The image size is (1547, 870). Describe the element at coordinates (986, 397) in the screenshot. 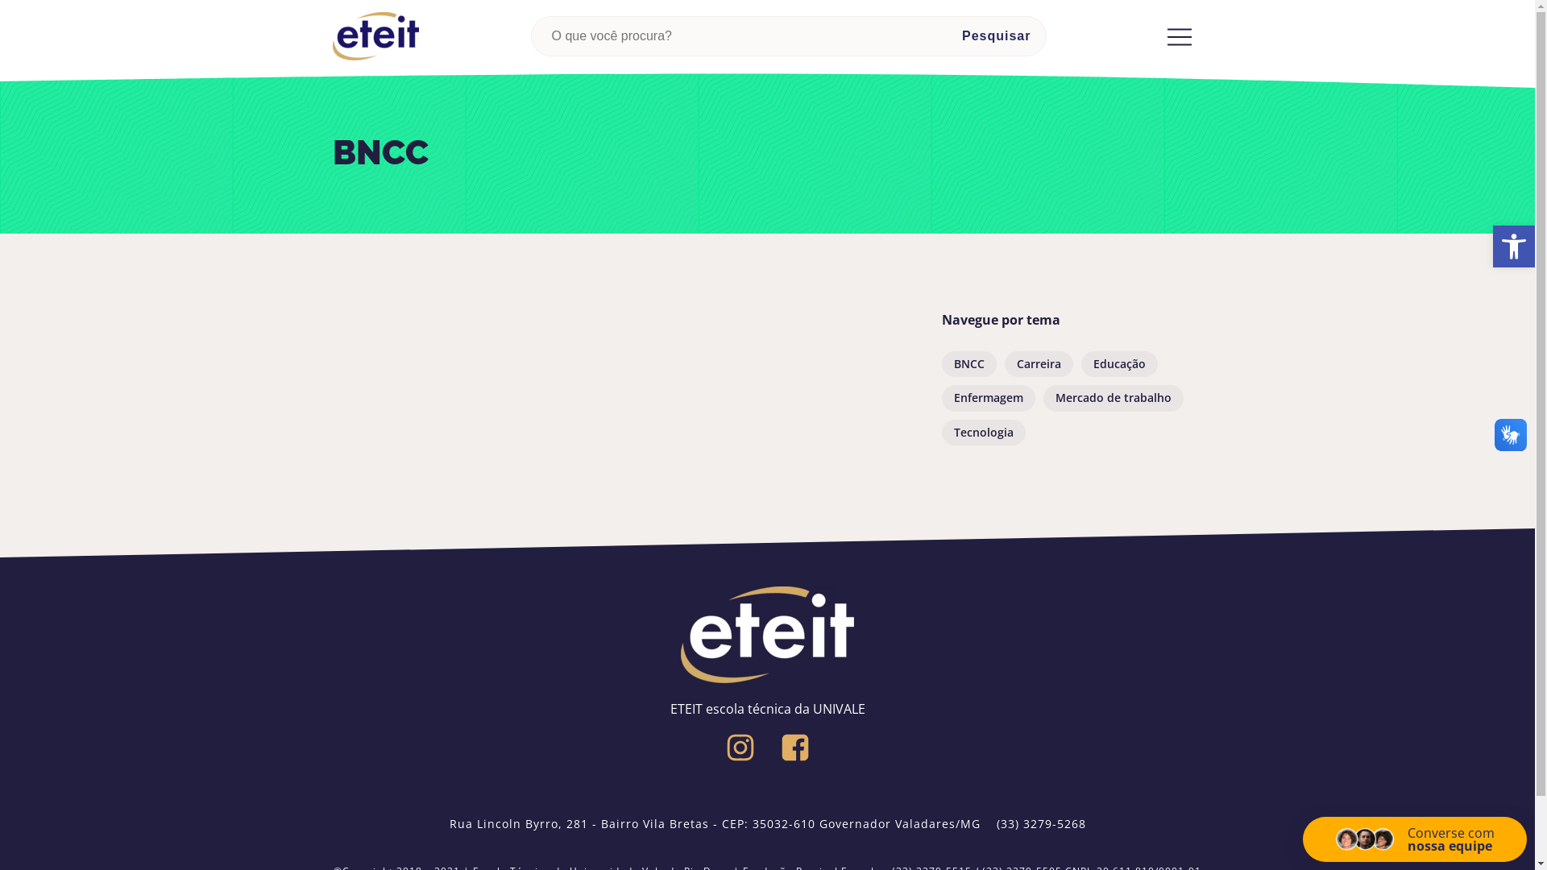

I see `'Enfermagem'` at that location.